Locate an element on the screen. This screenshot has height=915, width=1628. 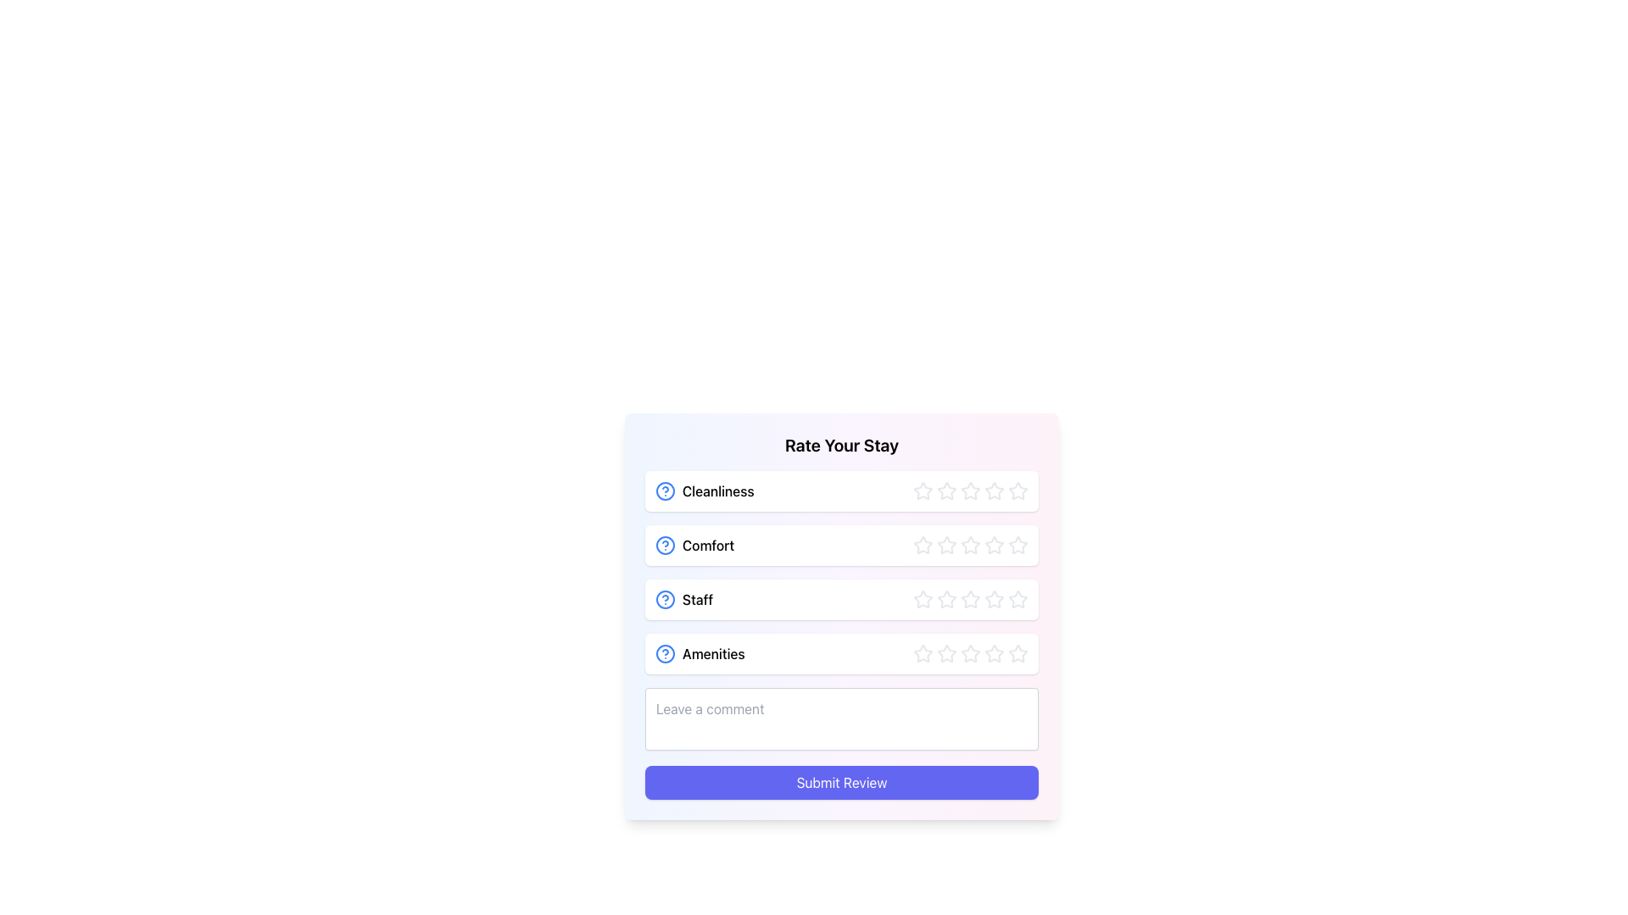
the circular icon with a blue border and question mark design, located to the left of the 'Comfort' label in the second row of the form is located at coordinates (665, 546).